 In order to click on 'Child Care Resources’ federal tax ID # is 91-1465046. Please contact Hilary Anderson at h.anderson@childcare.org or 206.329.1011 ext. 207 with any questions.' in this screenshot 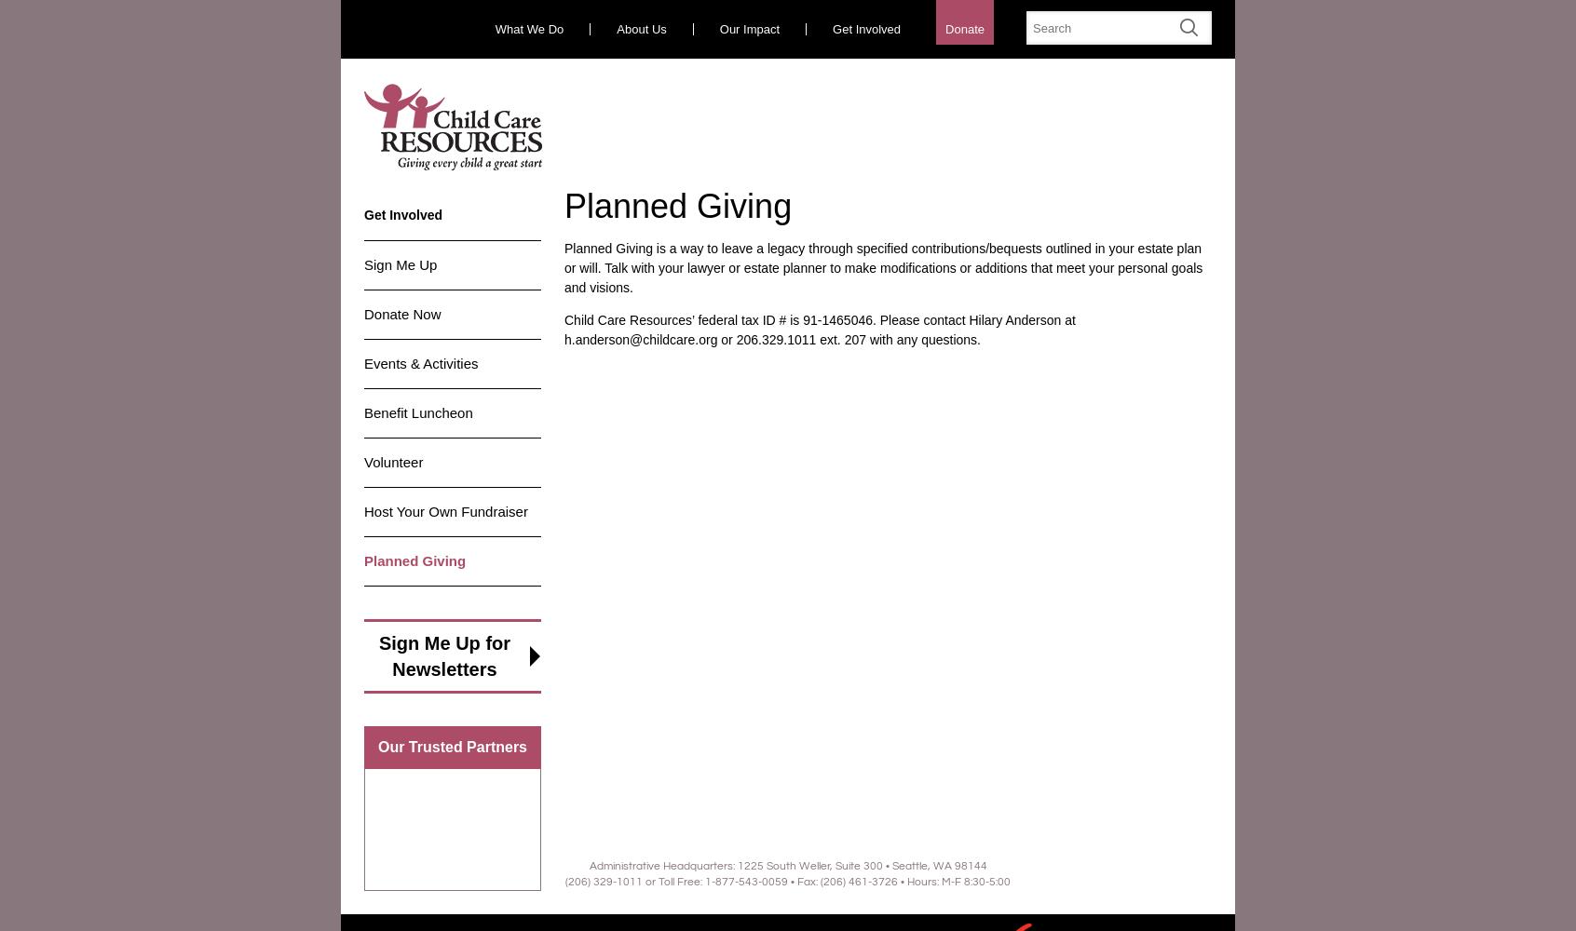, I will do `click(819, 329)`.